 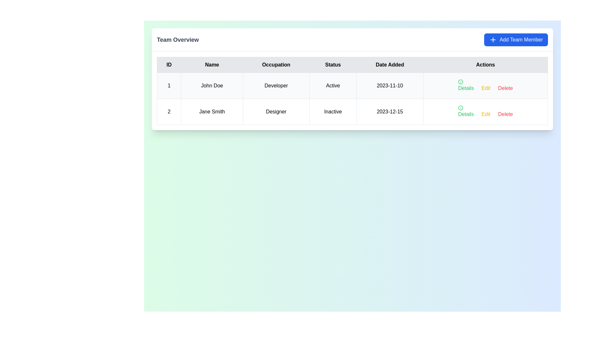 I want to click on the 'Status' header label in the fourth column of the table, which is located after 'Occupation' and before 'Date Added', so click(x=333, y=65).